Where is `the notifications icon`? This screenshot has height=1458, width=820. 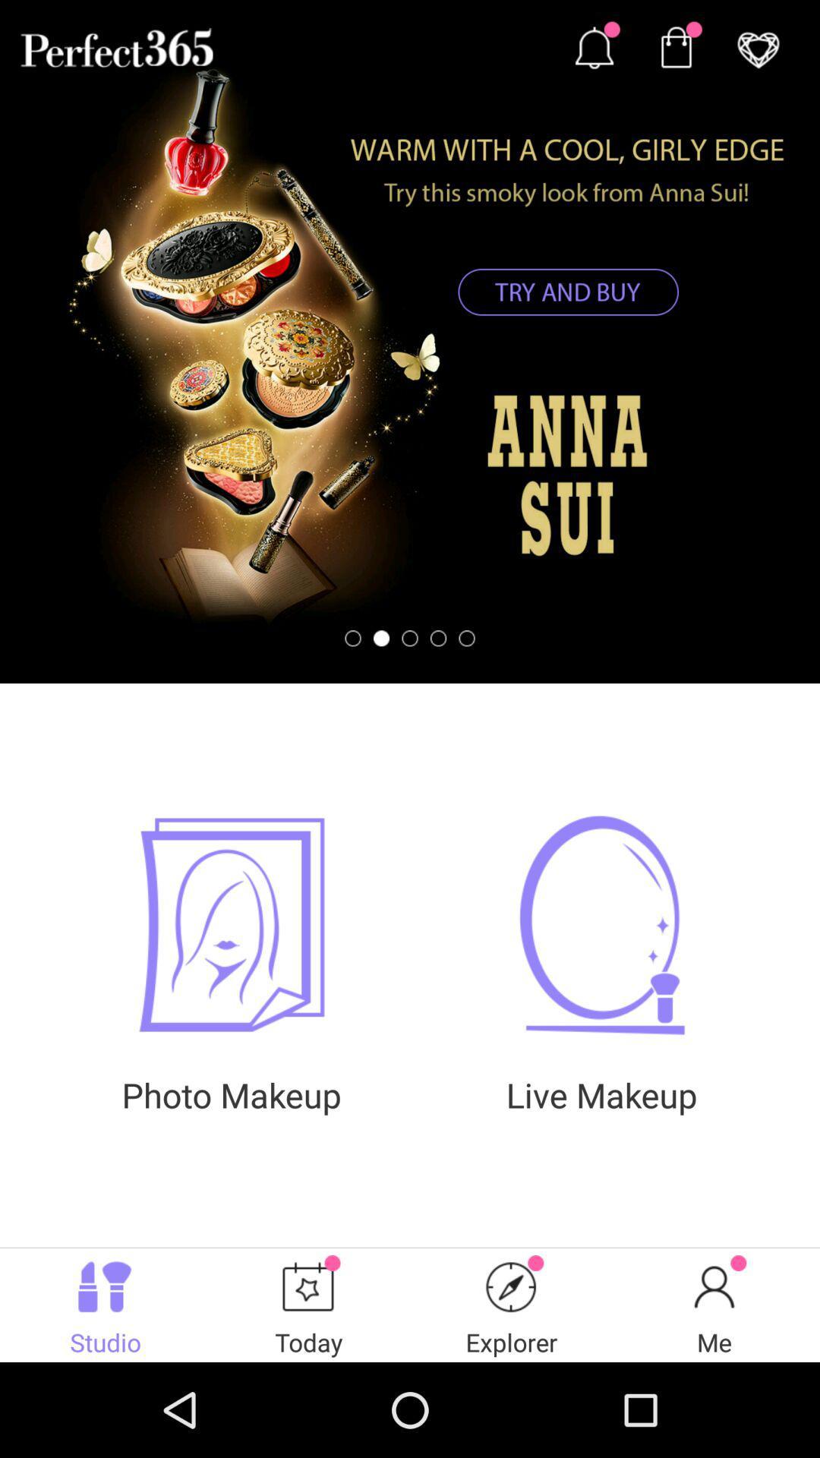
the notifications icon is located at coordinates (593, 51).